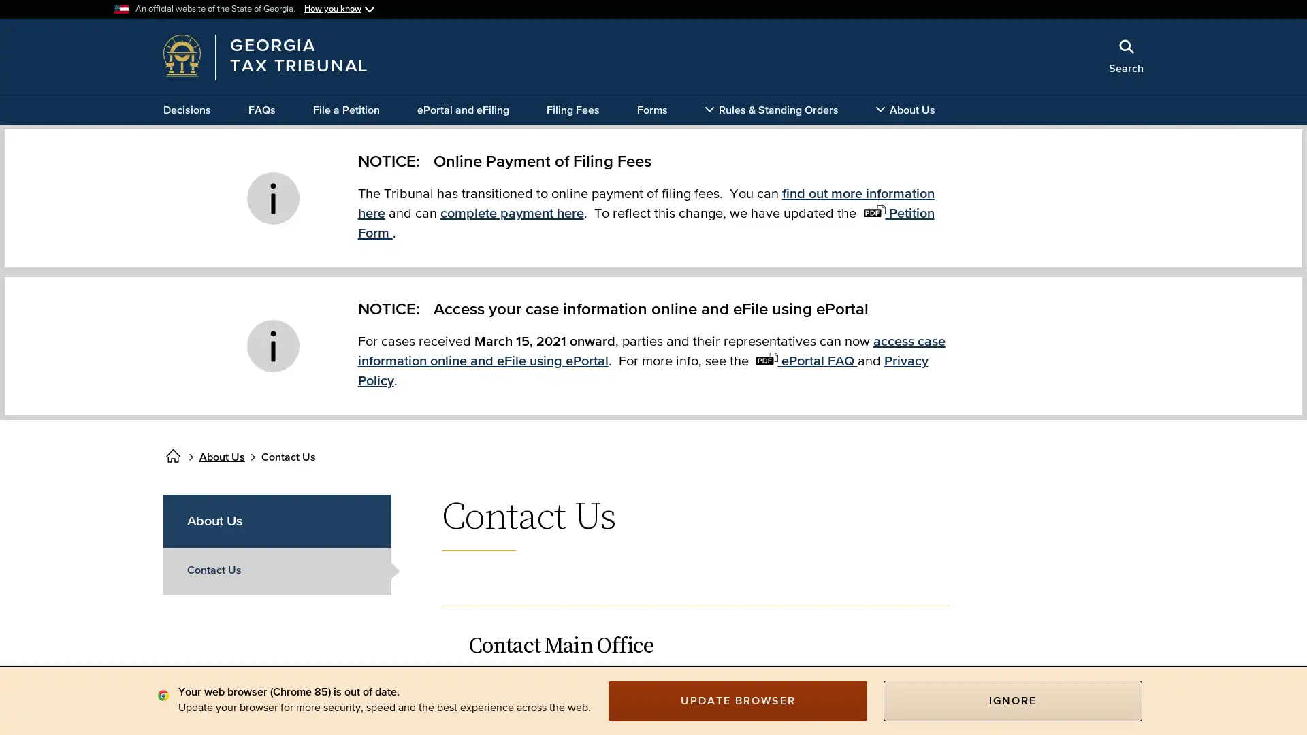 This screenshot has width=1307, height=735. What do you see at coordinates (1071, 191) in the screenshot?
I see `Search` at bounding box center [1071, 191].